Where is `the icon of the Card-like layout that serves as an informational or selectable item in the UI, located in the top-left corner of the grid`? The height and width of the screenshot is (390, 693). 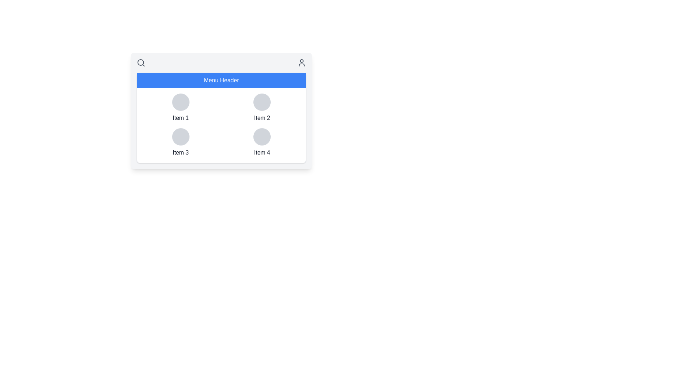
the icon of the Card-like layout that serves as an informational or selectable item in the UI, located in the top-left corner of the grid is located at coordinates (180, 108).